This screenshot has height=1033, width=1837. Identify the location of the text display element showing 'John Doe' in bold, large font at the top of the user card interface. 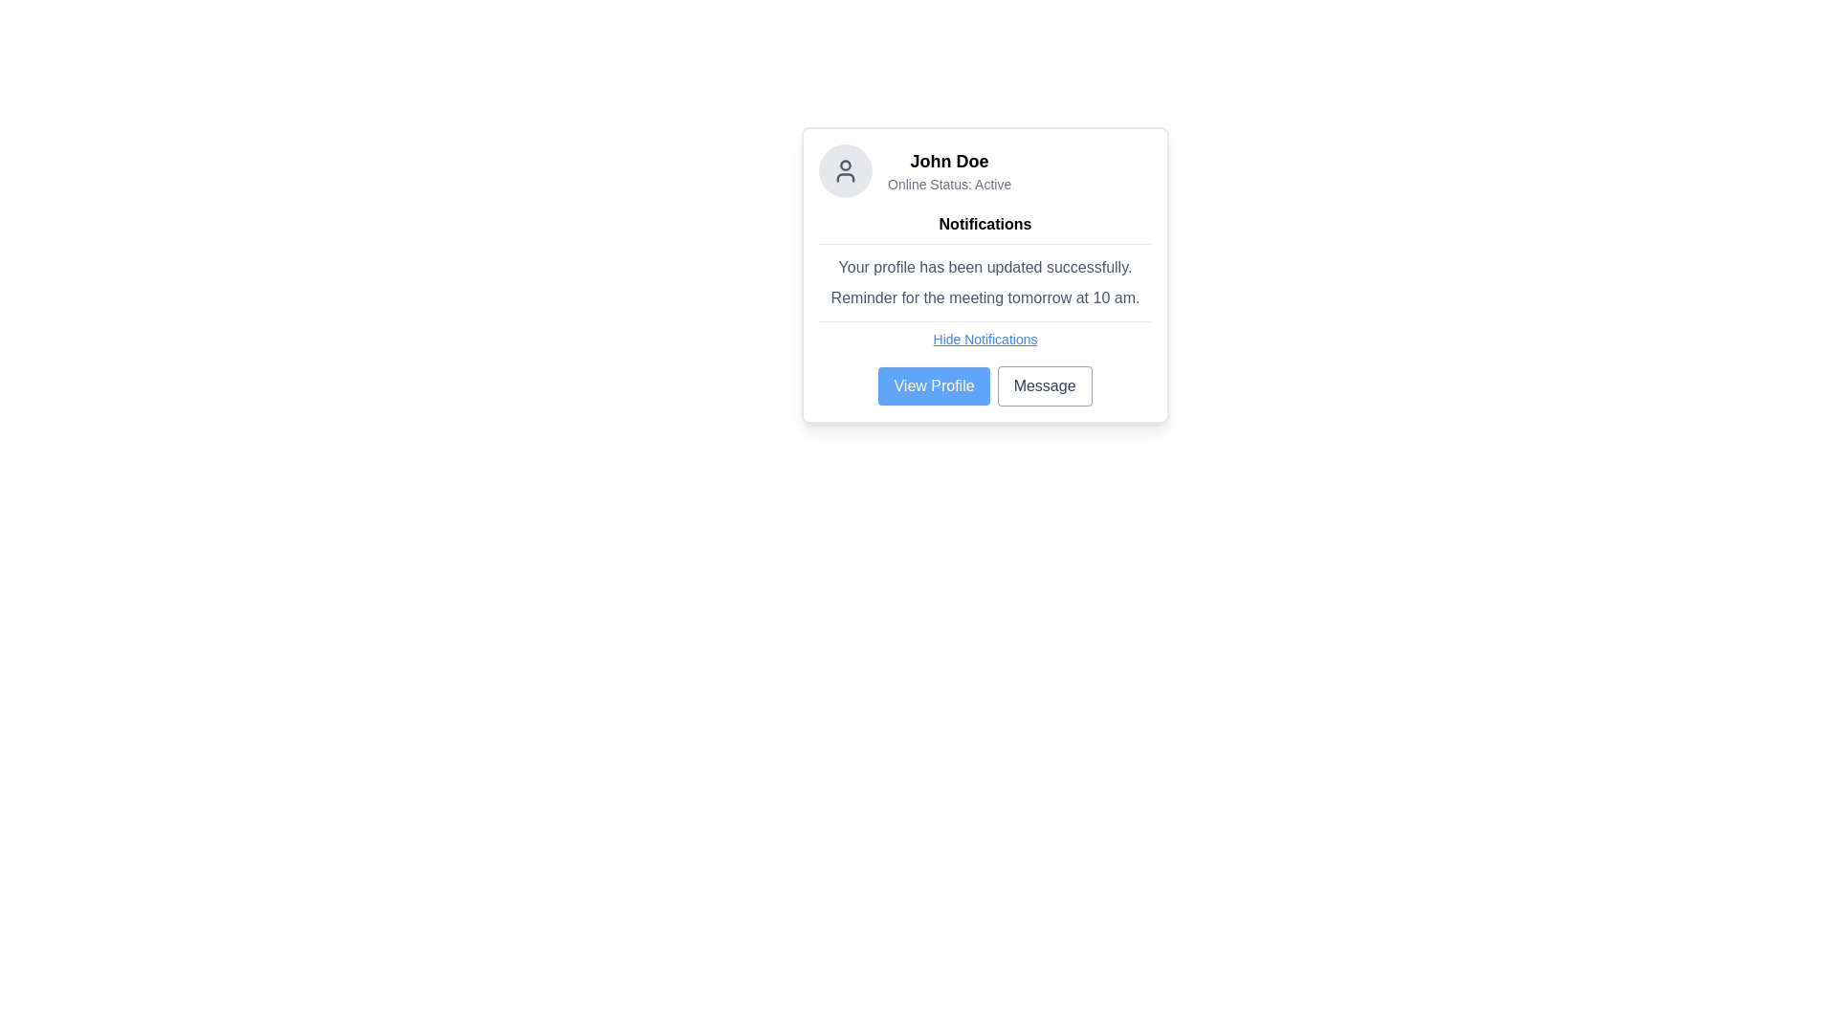
(949, 161).